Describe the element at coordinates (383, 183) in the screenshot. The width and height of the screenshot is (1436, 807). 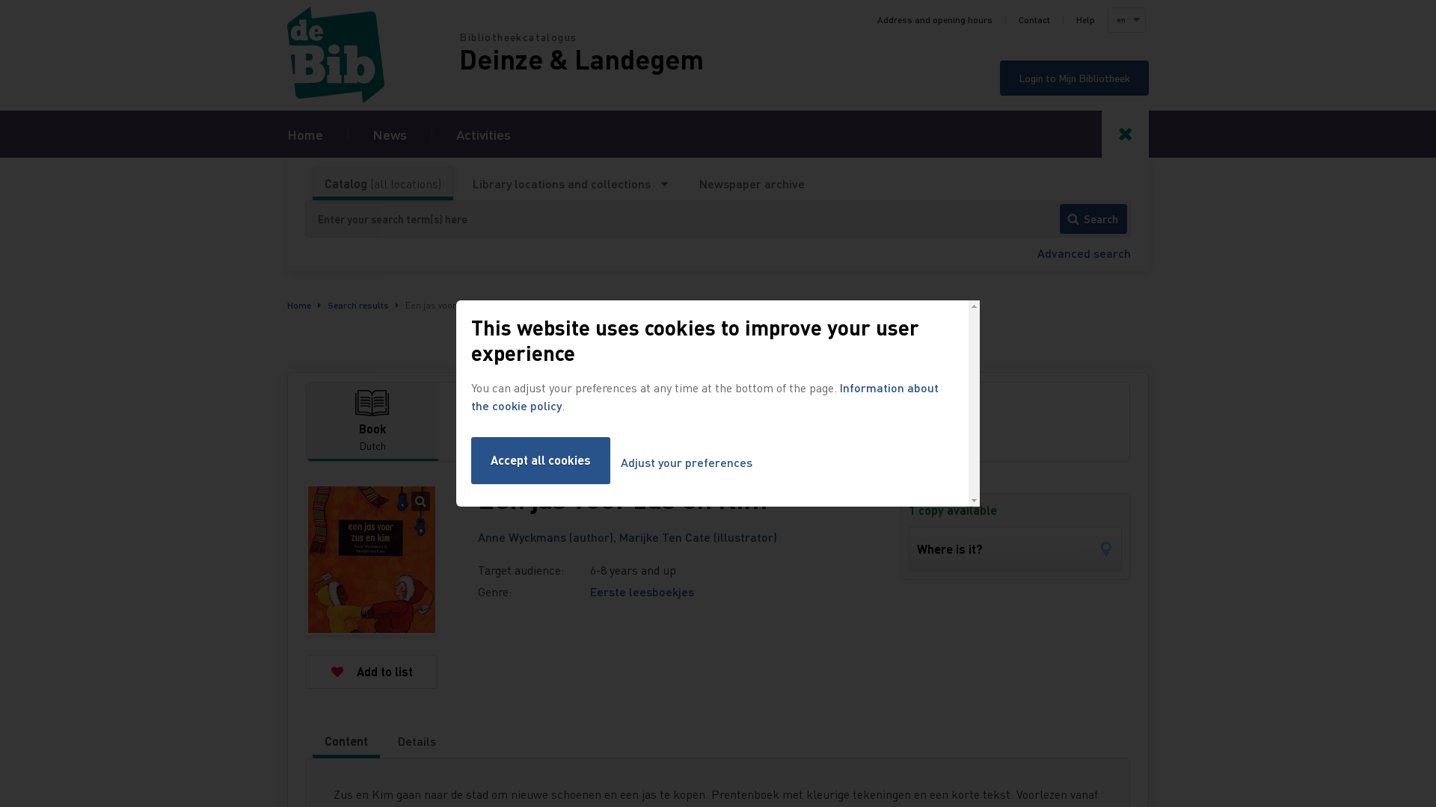
I see `'Catalog (all locations)'` at that location.